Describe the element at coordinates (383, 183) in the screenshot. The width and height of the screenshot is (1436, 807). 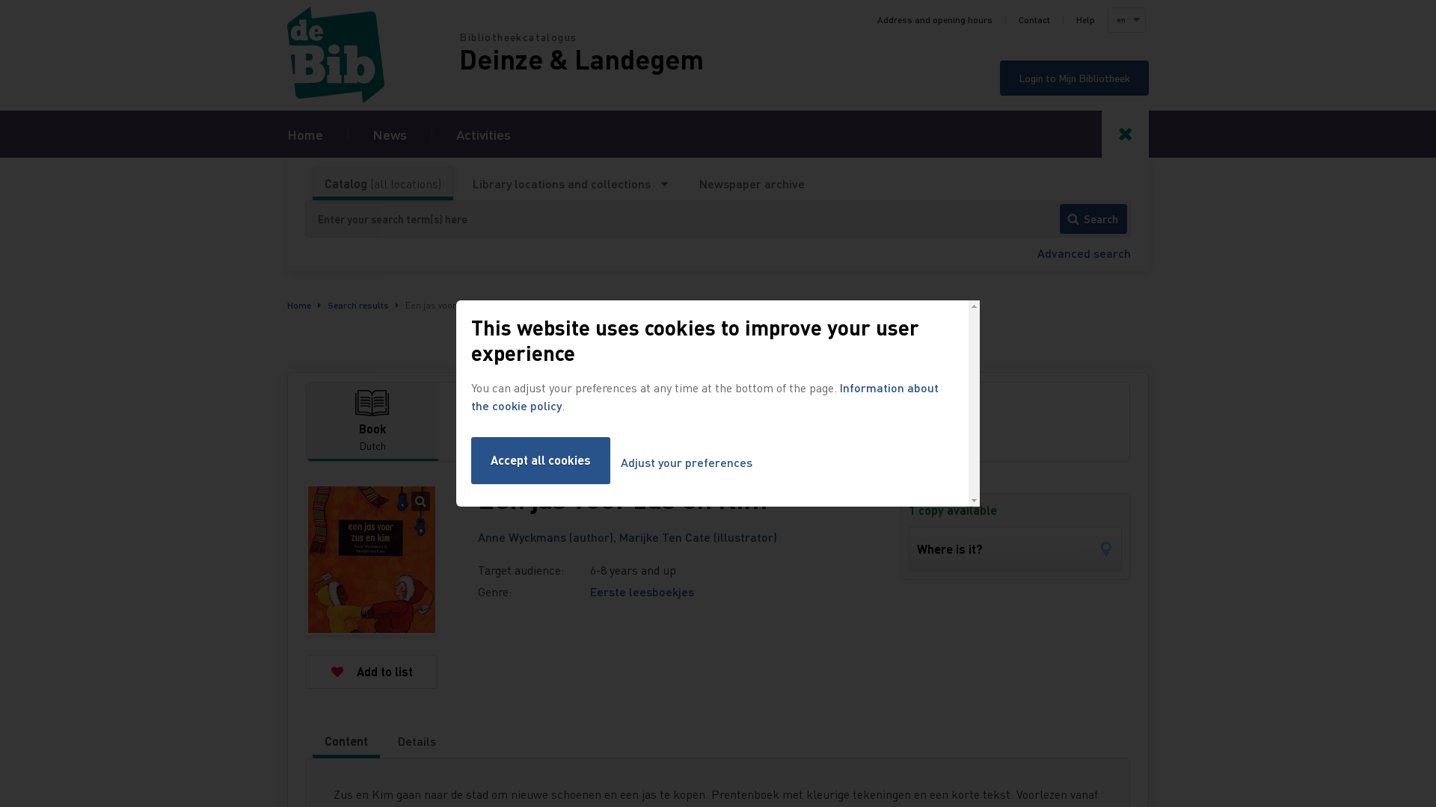
I see `'Catalog (all locations)'` at that location.